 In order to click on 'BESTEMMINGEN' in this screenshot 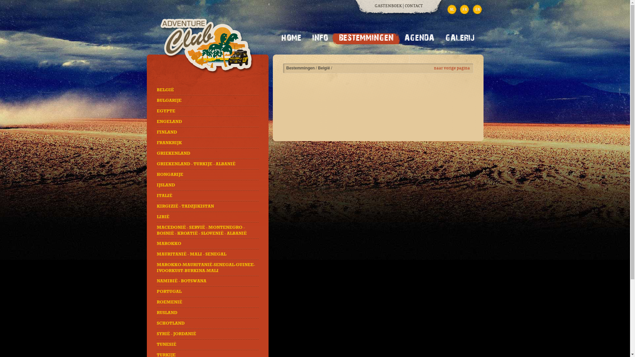, I will do `click(365, 39)`.